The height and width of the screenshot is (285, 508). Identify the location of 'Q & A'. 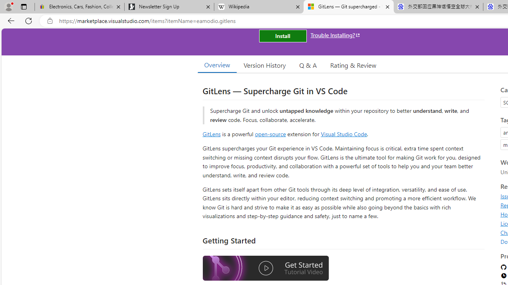
(308, 65).